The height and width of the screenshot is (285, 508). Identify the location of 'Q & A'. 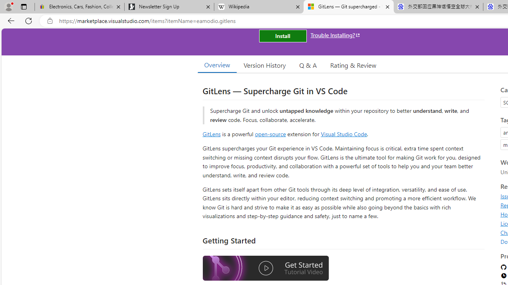
(308, 65).